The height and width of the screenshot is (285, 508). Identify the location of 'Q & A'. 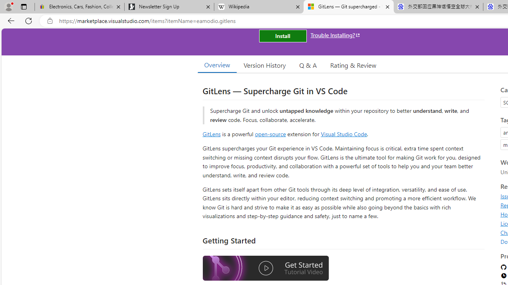
(308, 65).